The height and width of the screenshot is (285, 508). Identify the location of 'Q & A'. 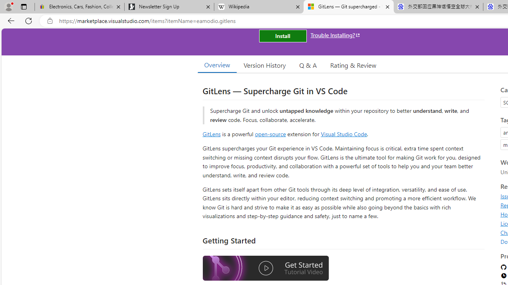
(308, 65).